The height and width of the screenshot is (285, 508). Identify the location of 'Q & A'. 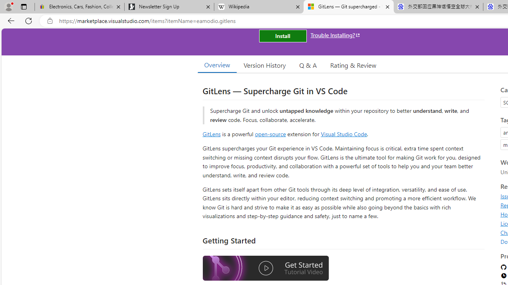
(308, 65).